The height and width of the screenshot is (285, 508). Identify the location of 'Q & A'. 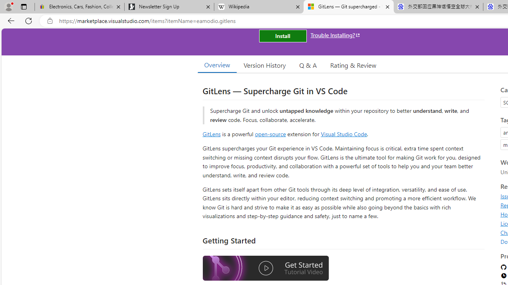
(308, 65).